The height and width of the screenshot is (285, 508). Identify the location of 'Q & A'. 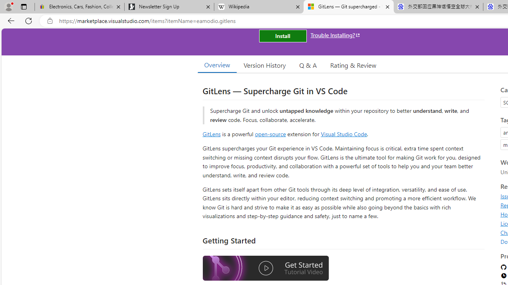
(308, 65).